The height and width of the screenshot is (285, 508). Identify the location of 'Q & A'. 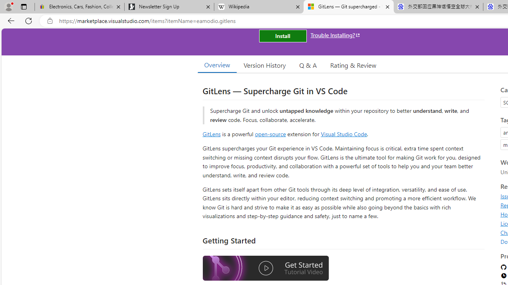
(308, 65).